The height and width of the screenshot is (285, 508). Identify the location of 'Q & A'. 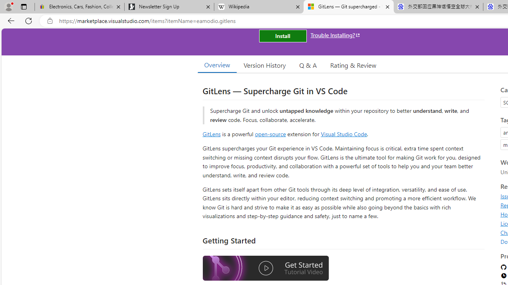
(308, 65).